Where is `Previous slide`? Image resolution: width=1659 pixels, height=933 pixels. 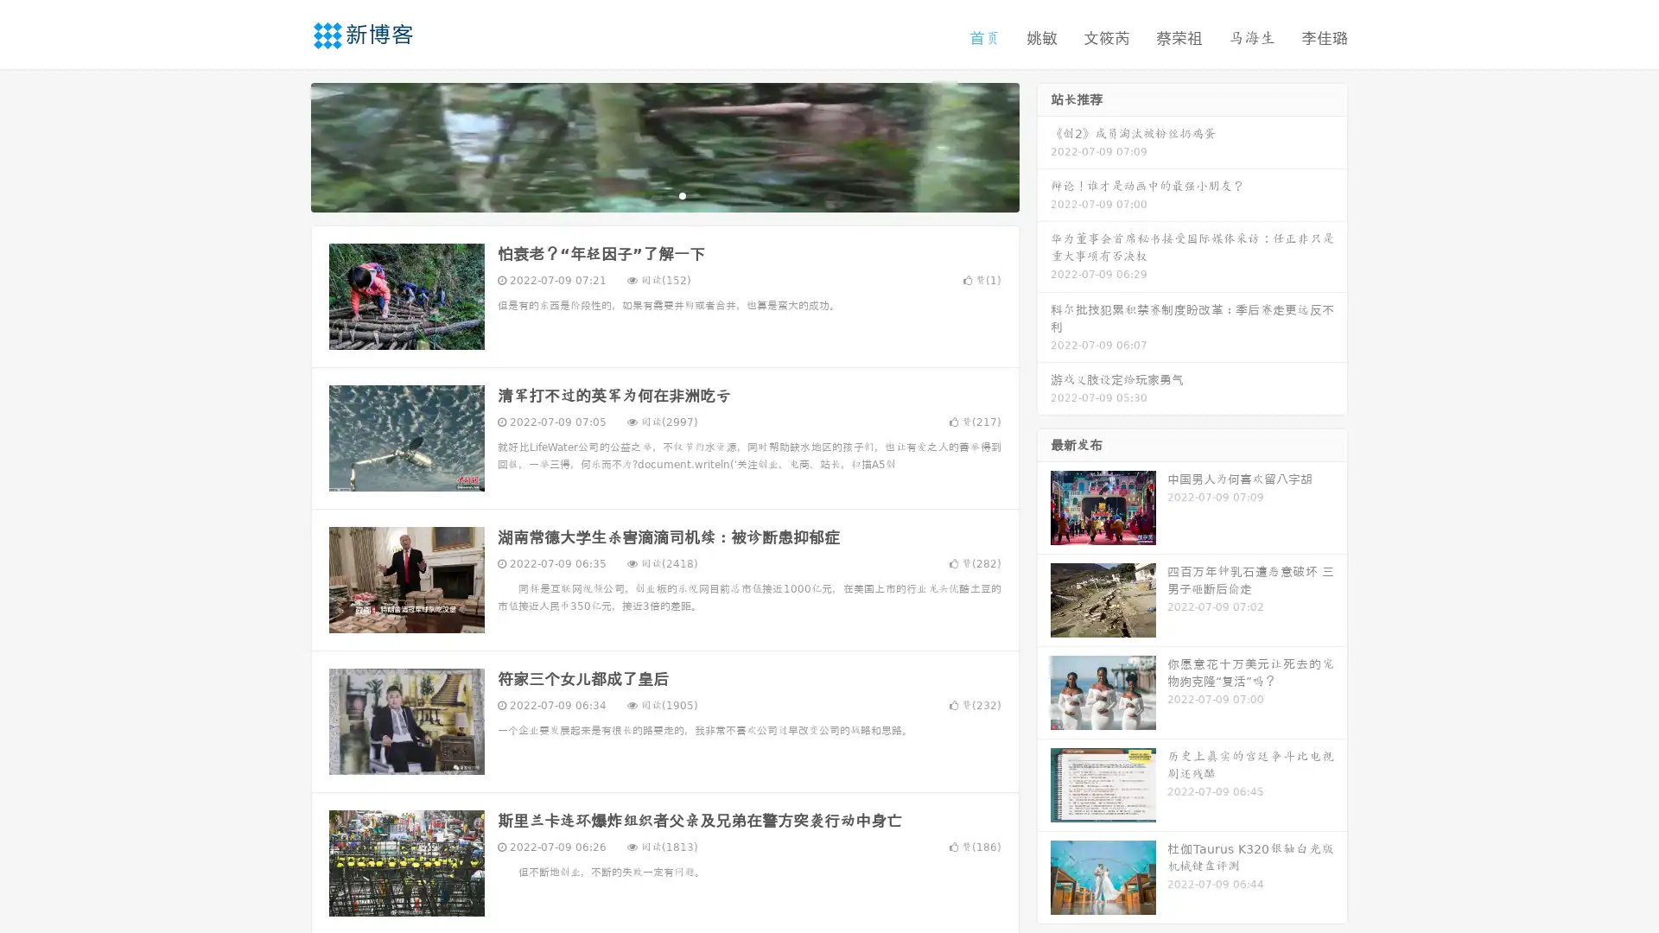
Previous slide is located at coordinates (285, 145).